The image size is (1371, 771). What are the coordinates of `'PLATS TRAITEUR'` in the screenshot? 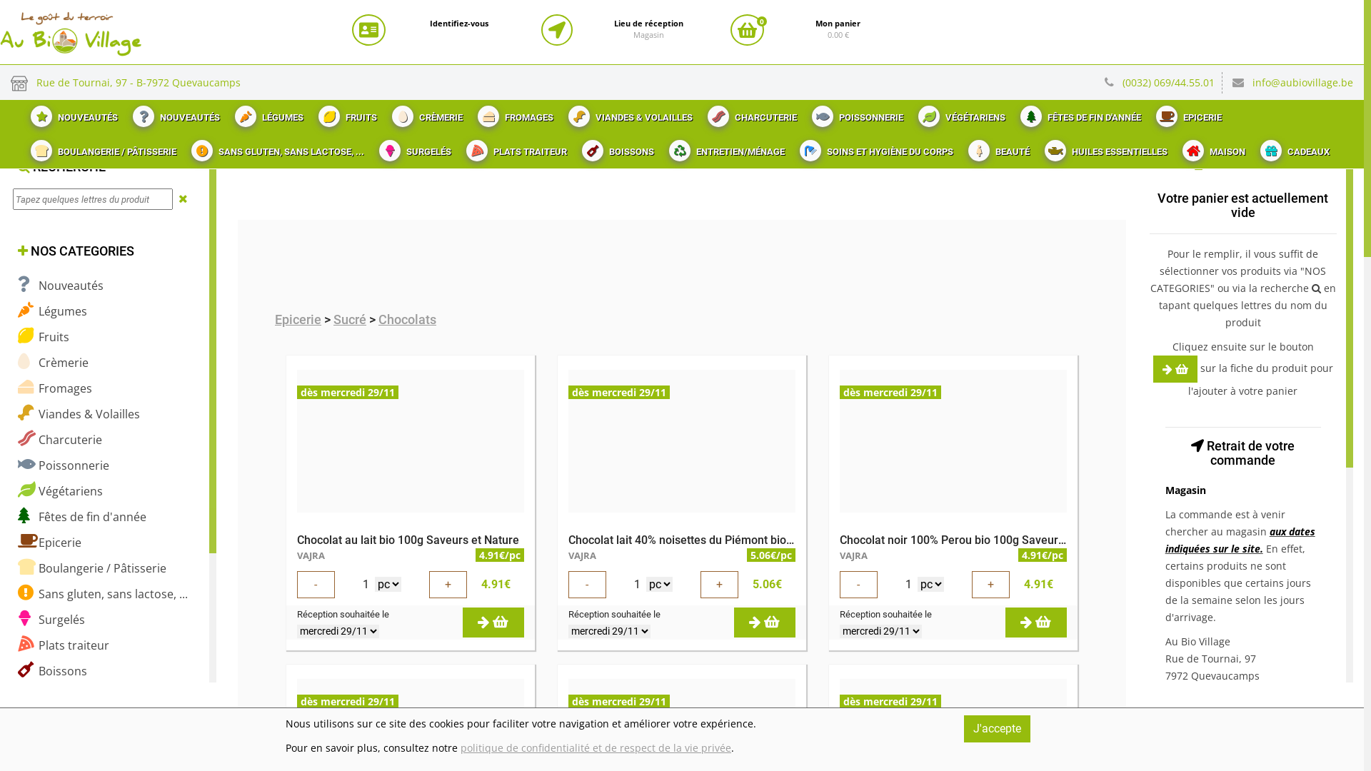 It's located at (514, 148).